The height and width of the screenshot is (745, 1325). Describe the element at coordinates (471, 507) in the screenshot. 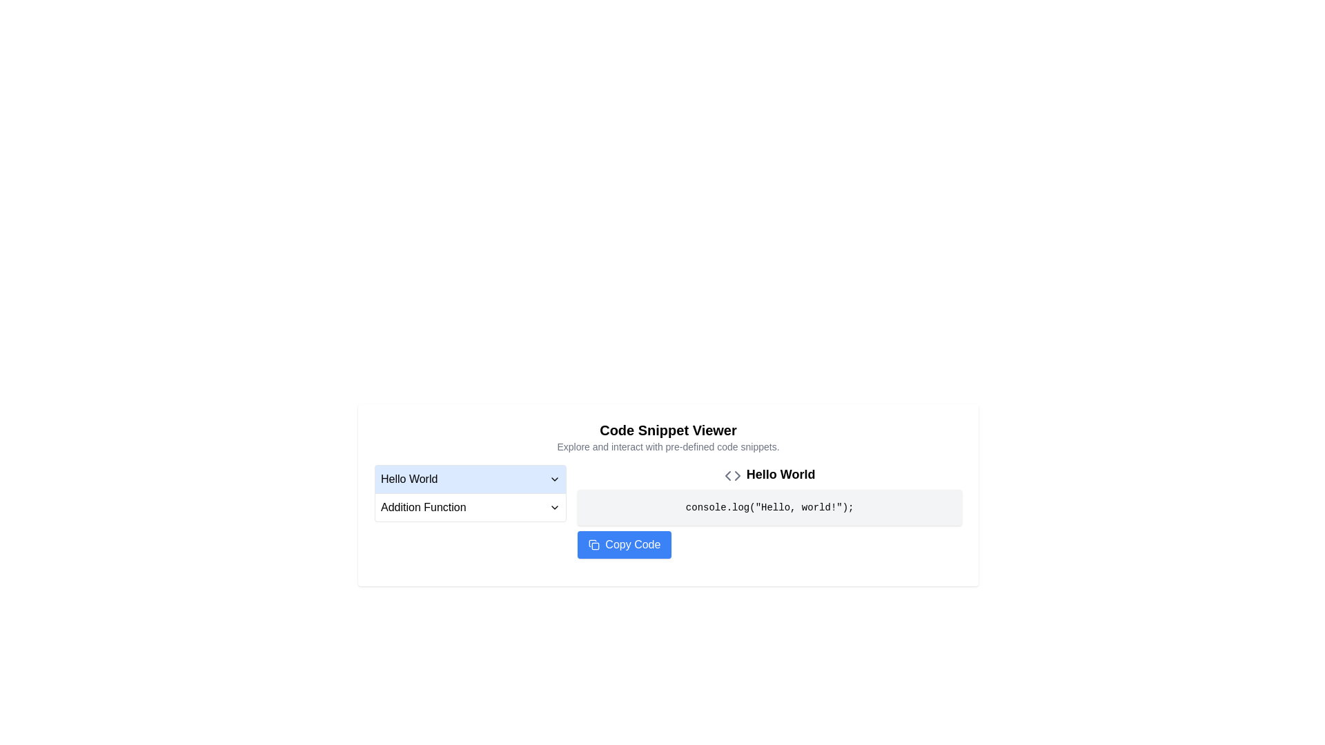

I see `the second dropdown item located below 'Hello World'` at that location.